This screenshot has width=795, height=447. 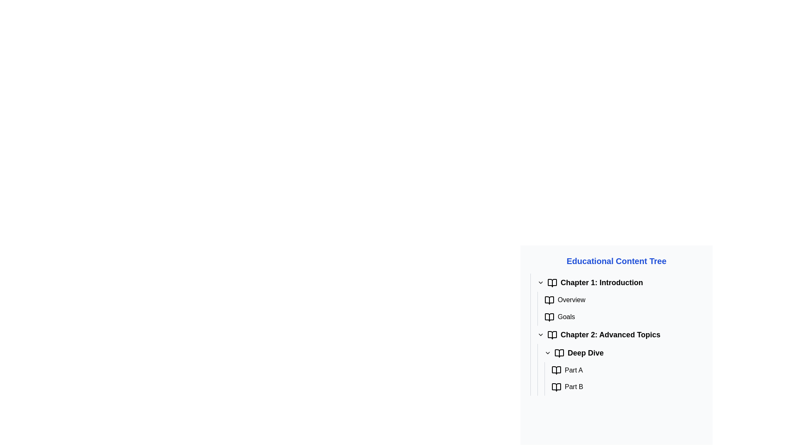 What do you see at coordinates (559, 353) in the screenshot?
I see `the documentation icon located to the left of the 'Deep Dive' text` at bounding box center [559, 353].